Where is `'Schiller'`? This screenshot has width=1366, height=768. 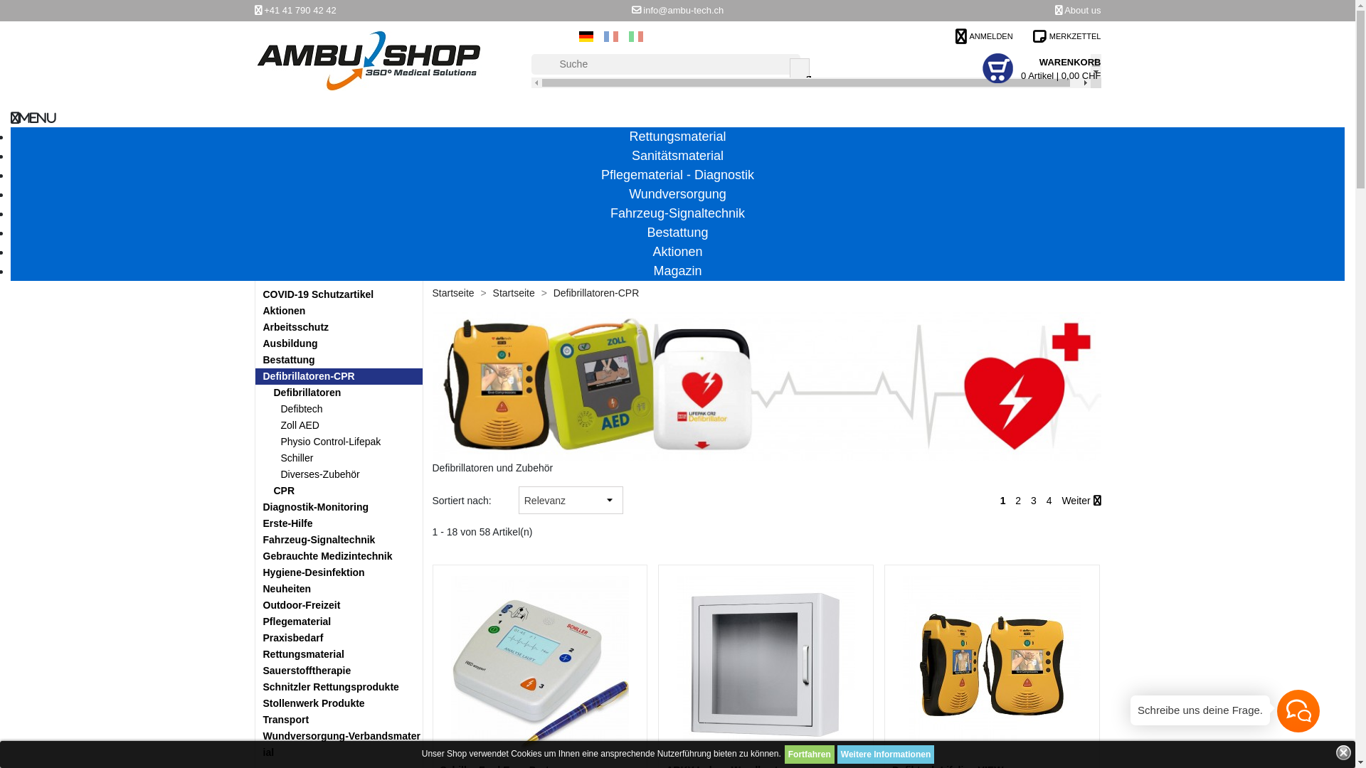 'Schiller' is located at coordinates (337, 457).